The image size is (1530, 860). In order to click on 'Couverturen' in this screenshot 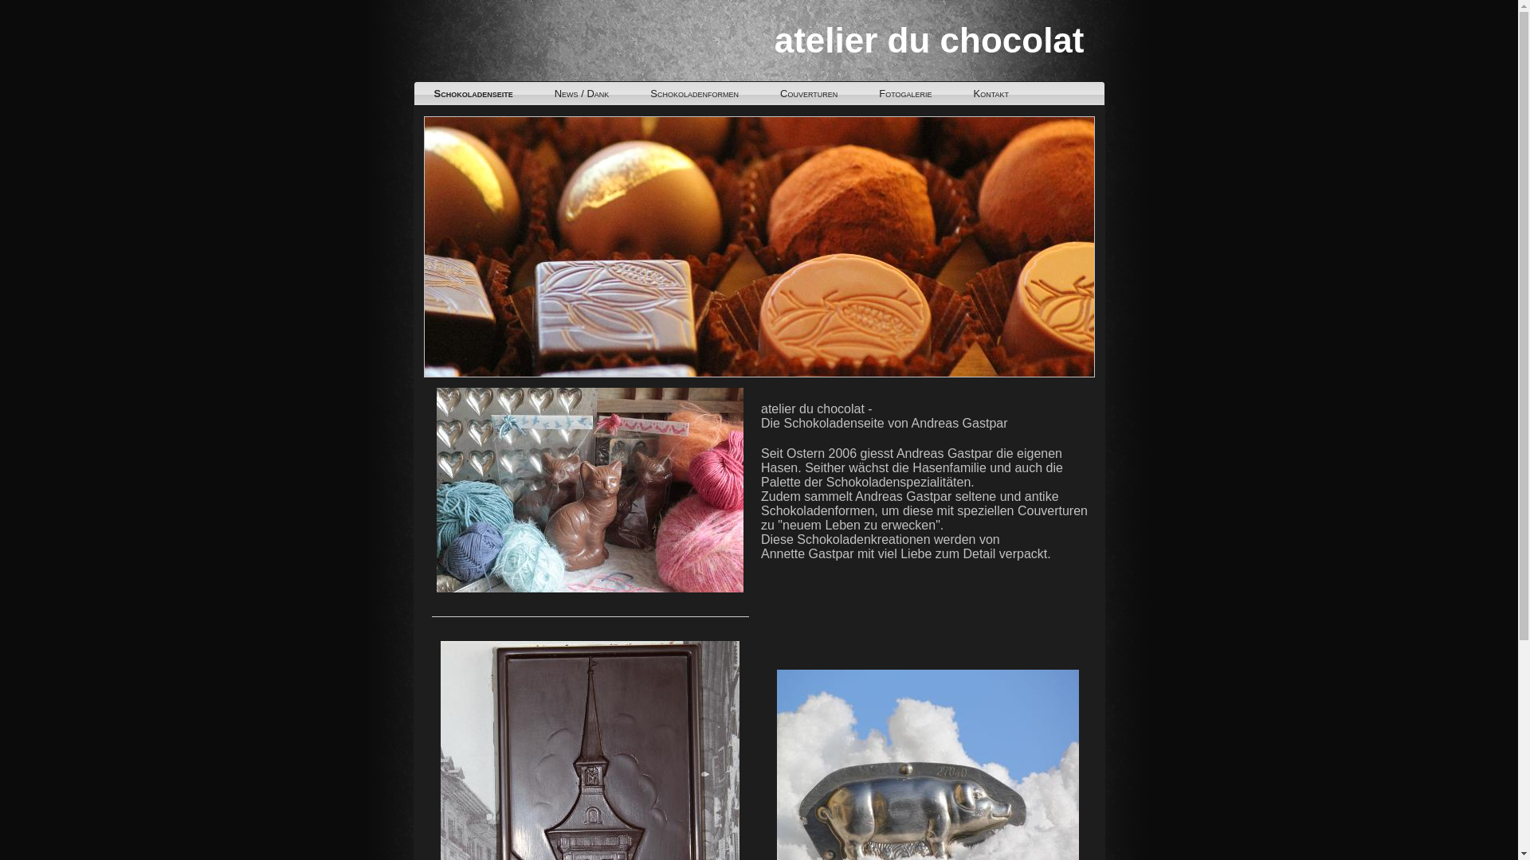, I will do `click(808, 93)`.